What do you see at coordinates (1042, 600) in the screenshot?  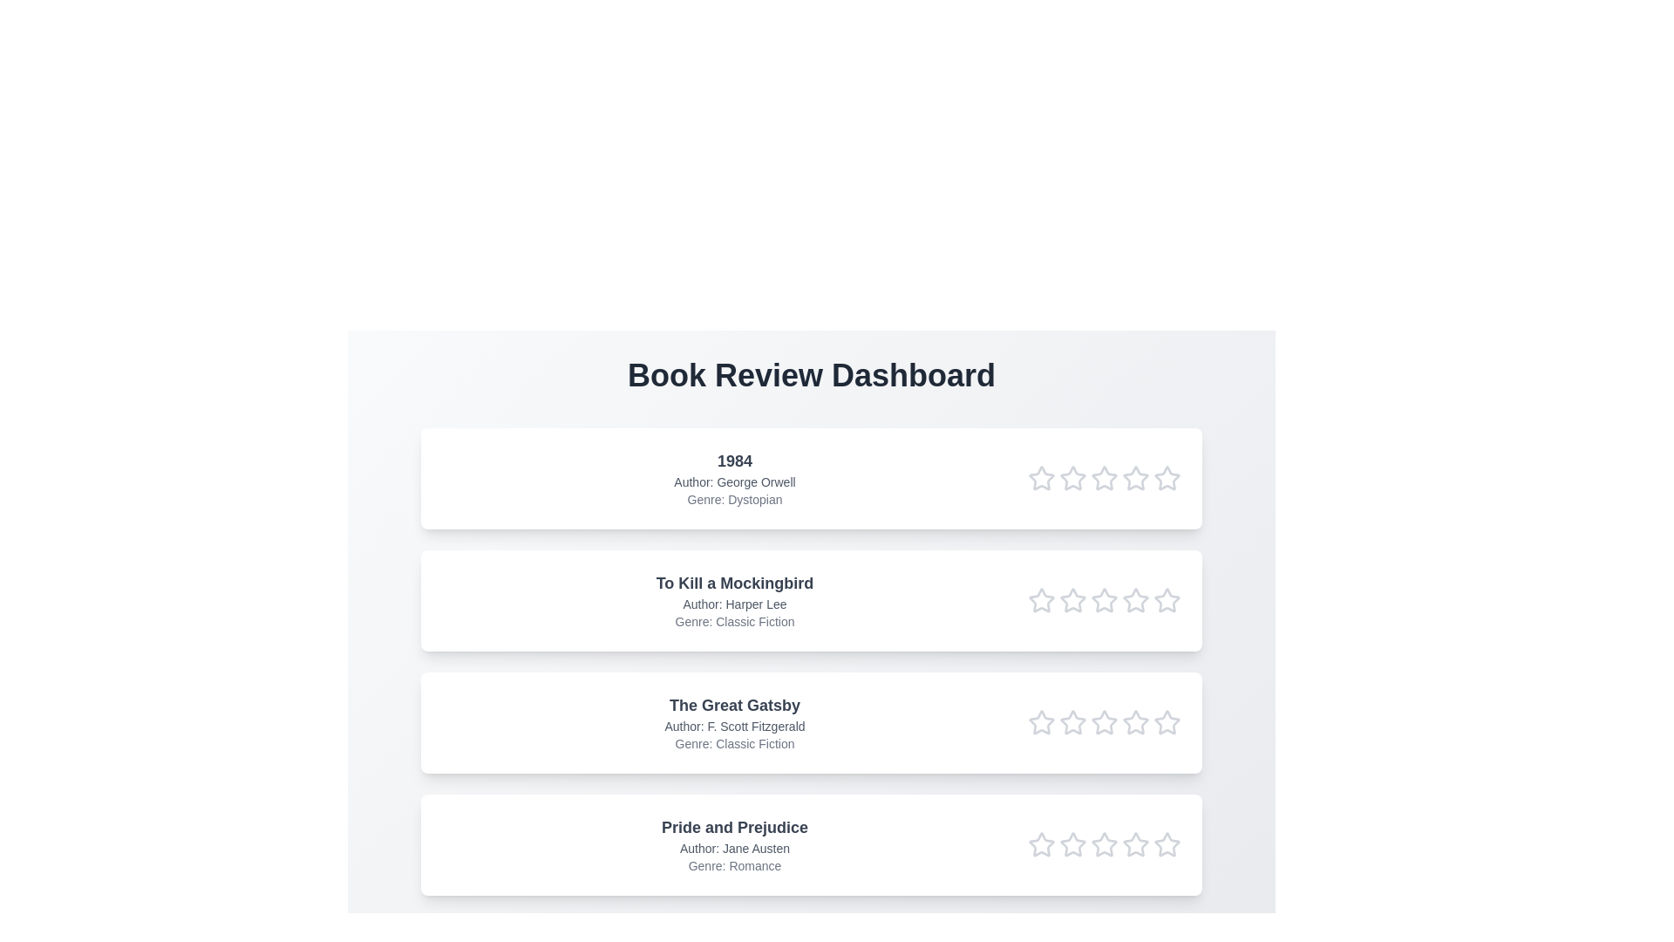 I see `the rating of the book 'To Kill a Mockingbird' to 1 stars by clicking on the respective star` at bounding box center [1042, 600].